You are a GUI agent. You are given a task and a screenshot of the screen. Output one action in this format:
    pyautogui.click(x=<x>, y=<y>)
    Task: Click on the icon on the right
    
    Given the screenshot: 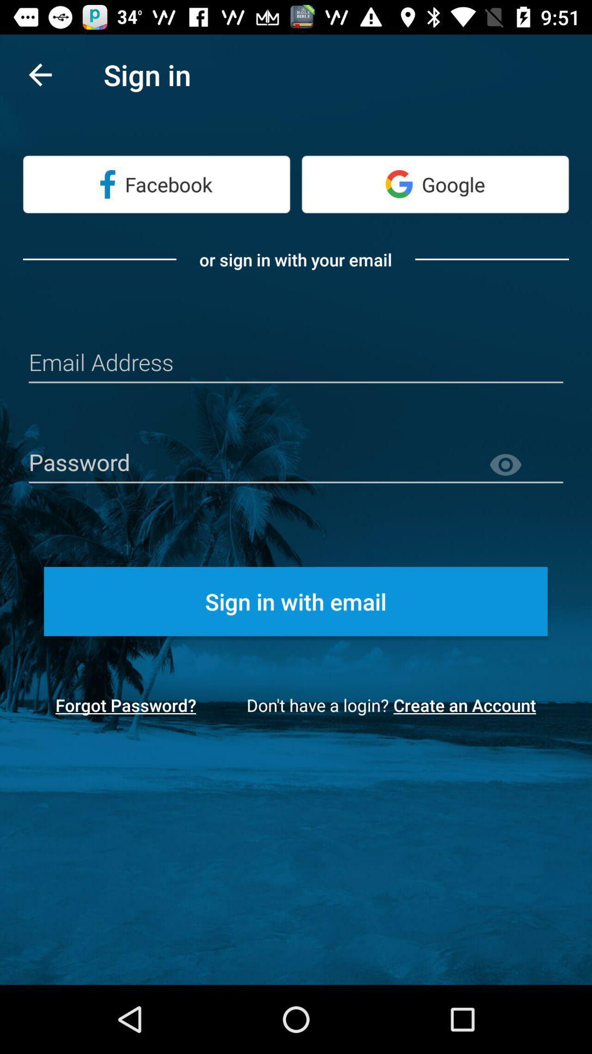 What is the action you would take?
    pyautogui.click(x=525, y=465)
    